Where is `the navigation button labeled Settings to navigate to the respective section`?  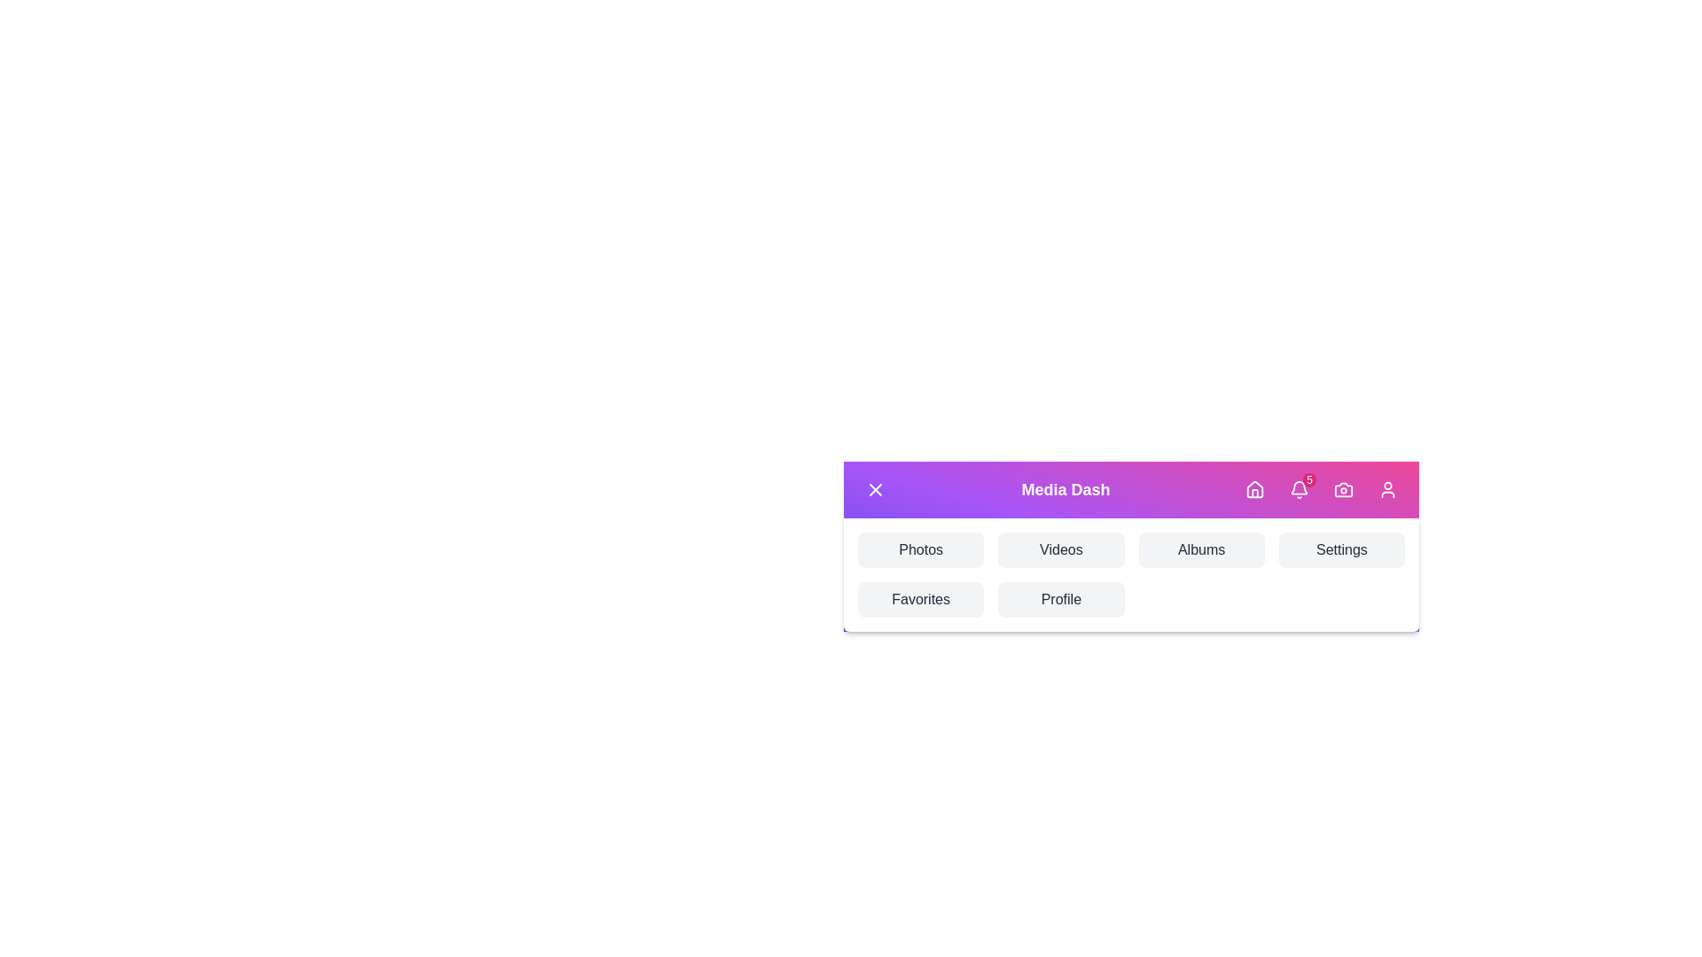
the navigation button labeled Settings to navigate to the respective section is located at coordinates (1341, 549).